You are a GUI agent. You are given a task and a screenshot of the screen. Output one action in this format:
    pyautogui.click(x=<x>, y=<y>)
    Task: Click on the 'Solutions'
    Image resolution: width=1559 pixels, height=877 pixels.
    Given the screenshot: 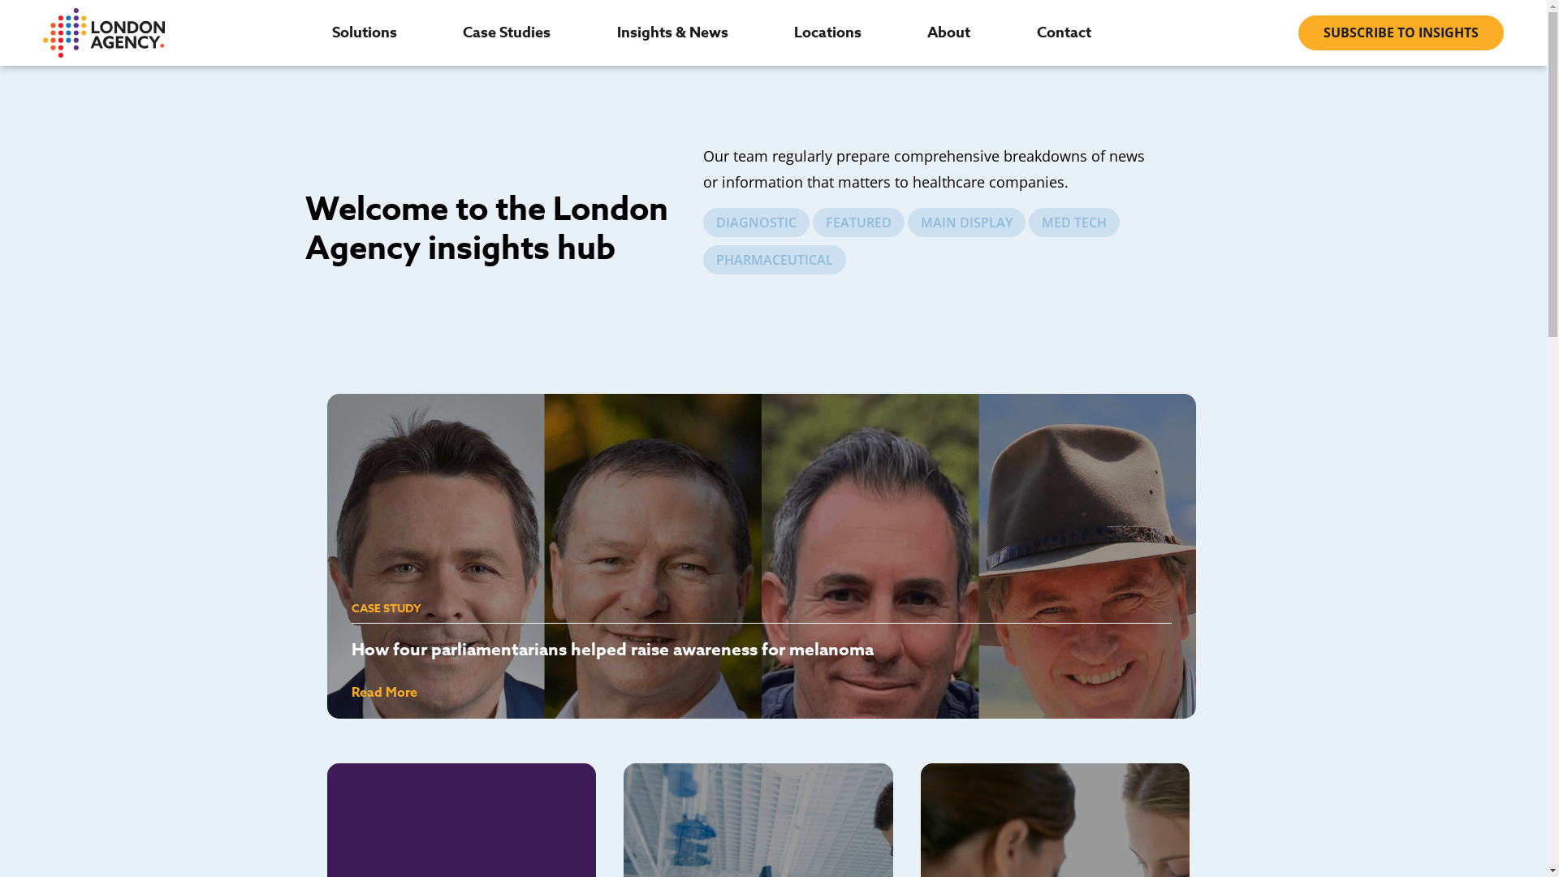 What is the action you would take?
    pyautogui.click(x=330, y=32)
    